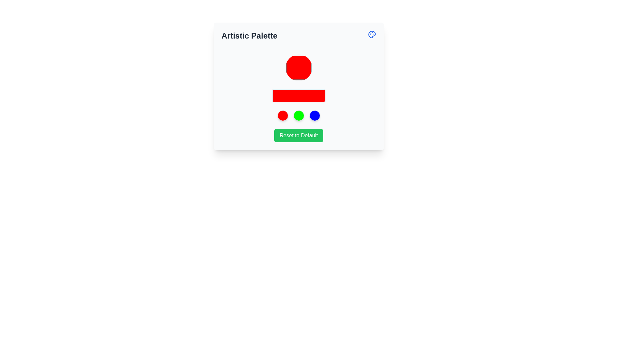  What do you see at coordinates (314, 115) in the screenshot?
I see `the blue circle button in the Artistic Palette section` at bounding box center [314, 115].